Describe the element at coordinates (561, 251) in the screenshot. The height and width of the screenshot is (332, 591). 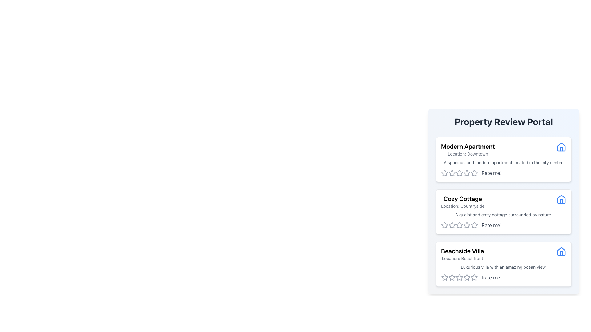
I see `the icon representing properties or locations associated with the 'Beachside Villa' entry` at that location.